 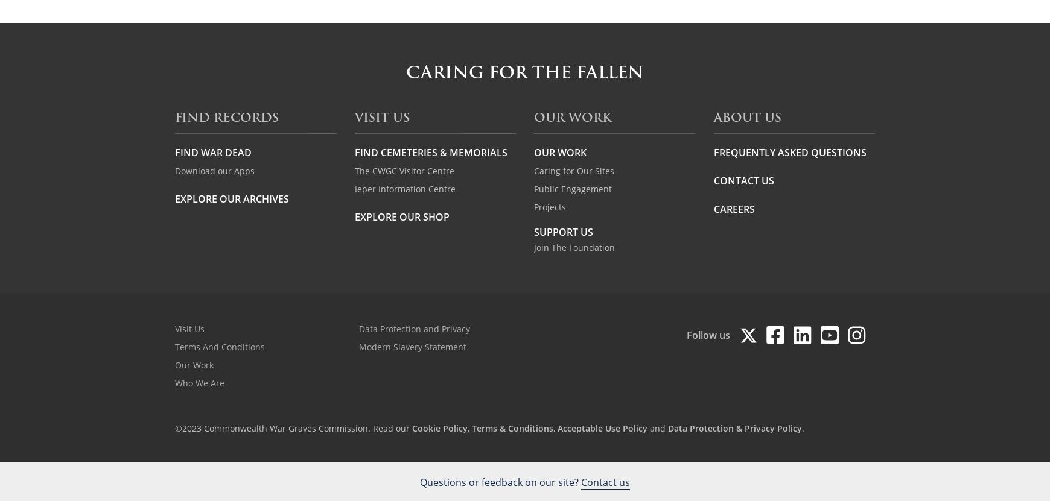 What do you see at coordinates (404, 188) in the screenshot?
I see `'Ieper Information Centre'` at bounding box center [404, 188].